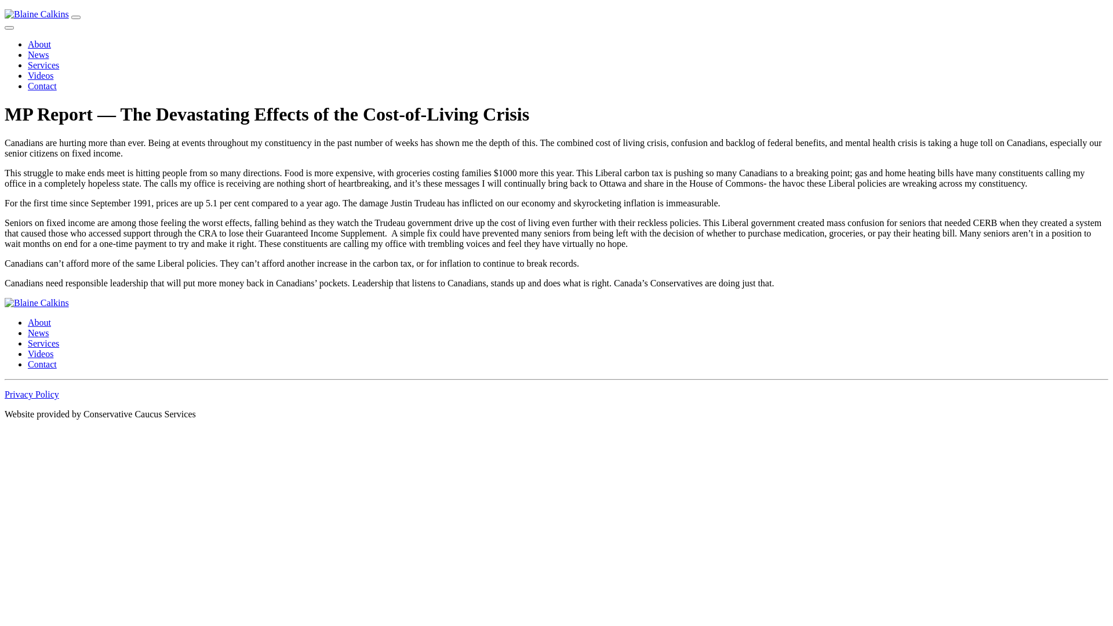 The image size is (1113, 626). What do you see at coordinates (39, 322) in the screenshot?
I see `'About'` at bounding box center [39, 322].